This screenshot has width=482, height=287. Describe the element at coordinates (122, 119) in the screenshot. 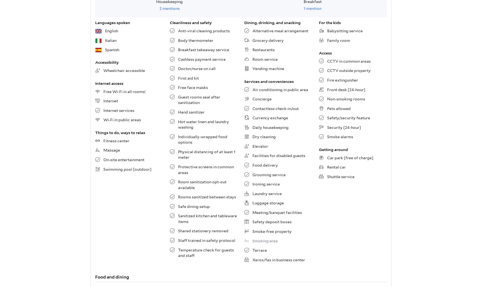

I see `'Wi-Fi in public areas'` at that location.